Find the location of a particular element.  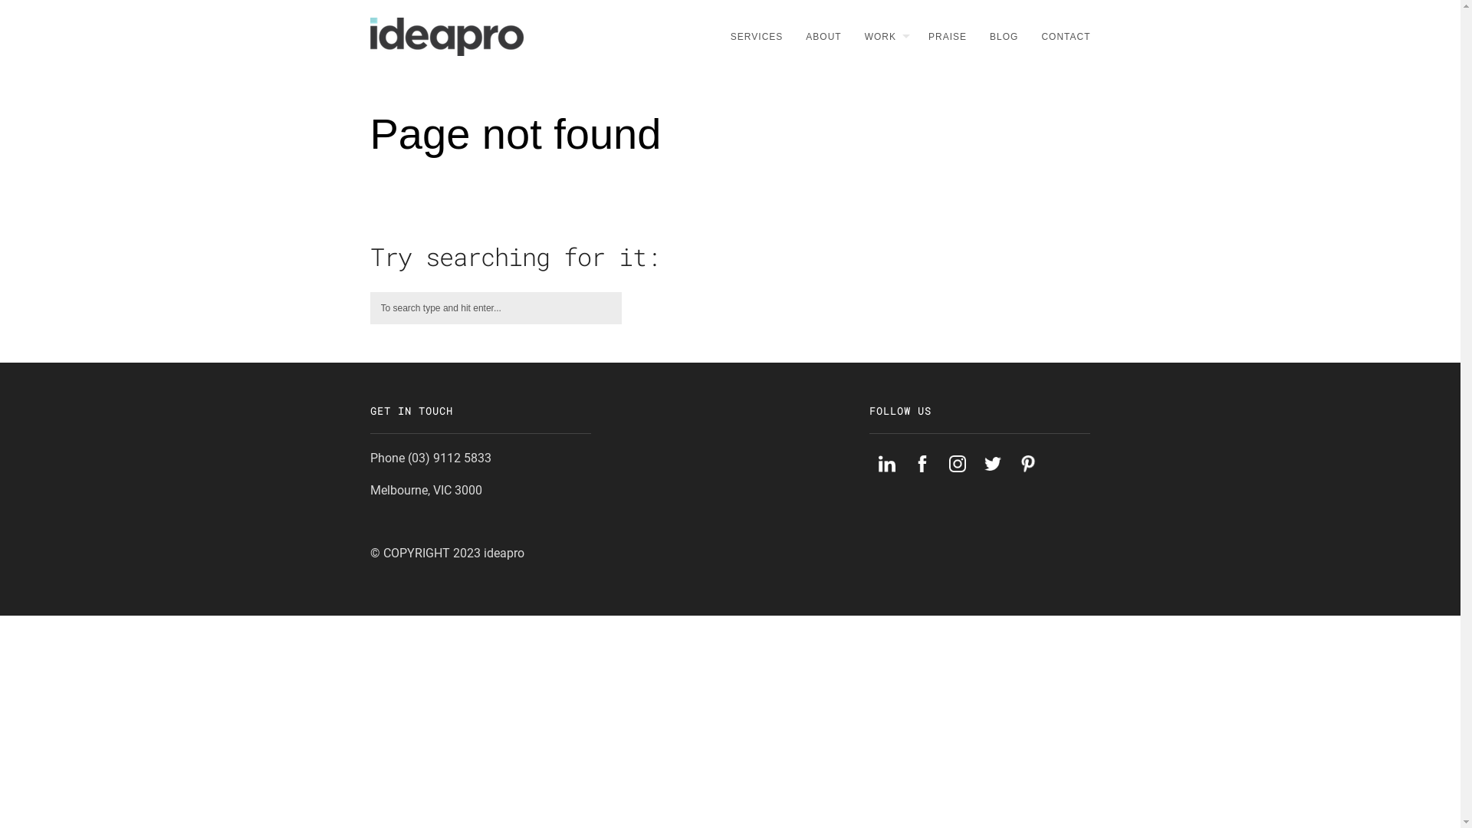

'Pinterest' is located at coordinates (1019, 463).